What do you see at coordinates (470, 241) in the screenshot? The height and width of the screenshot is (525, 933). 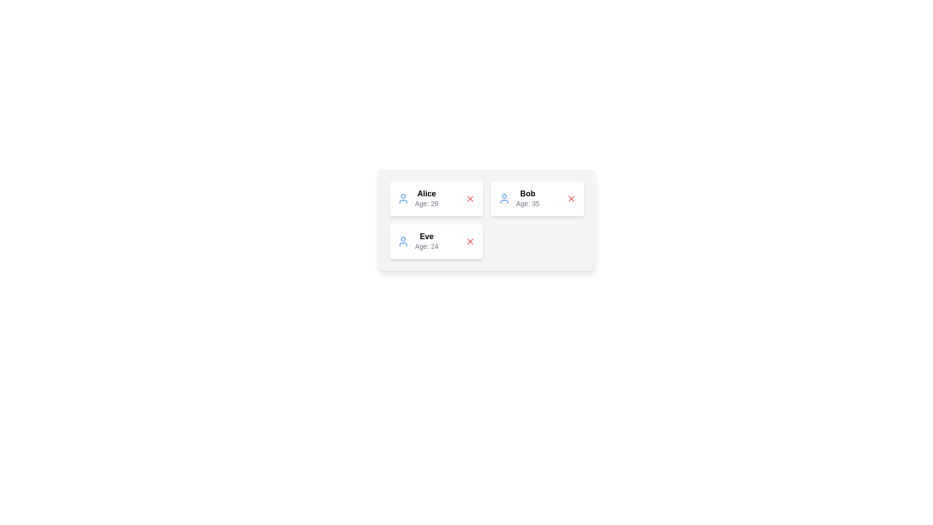 I see `close button for the user Eve` at bounding box center [470, 241].